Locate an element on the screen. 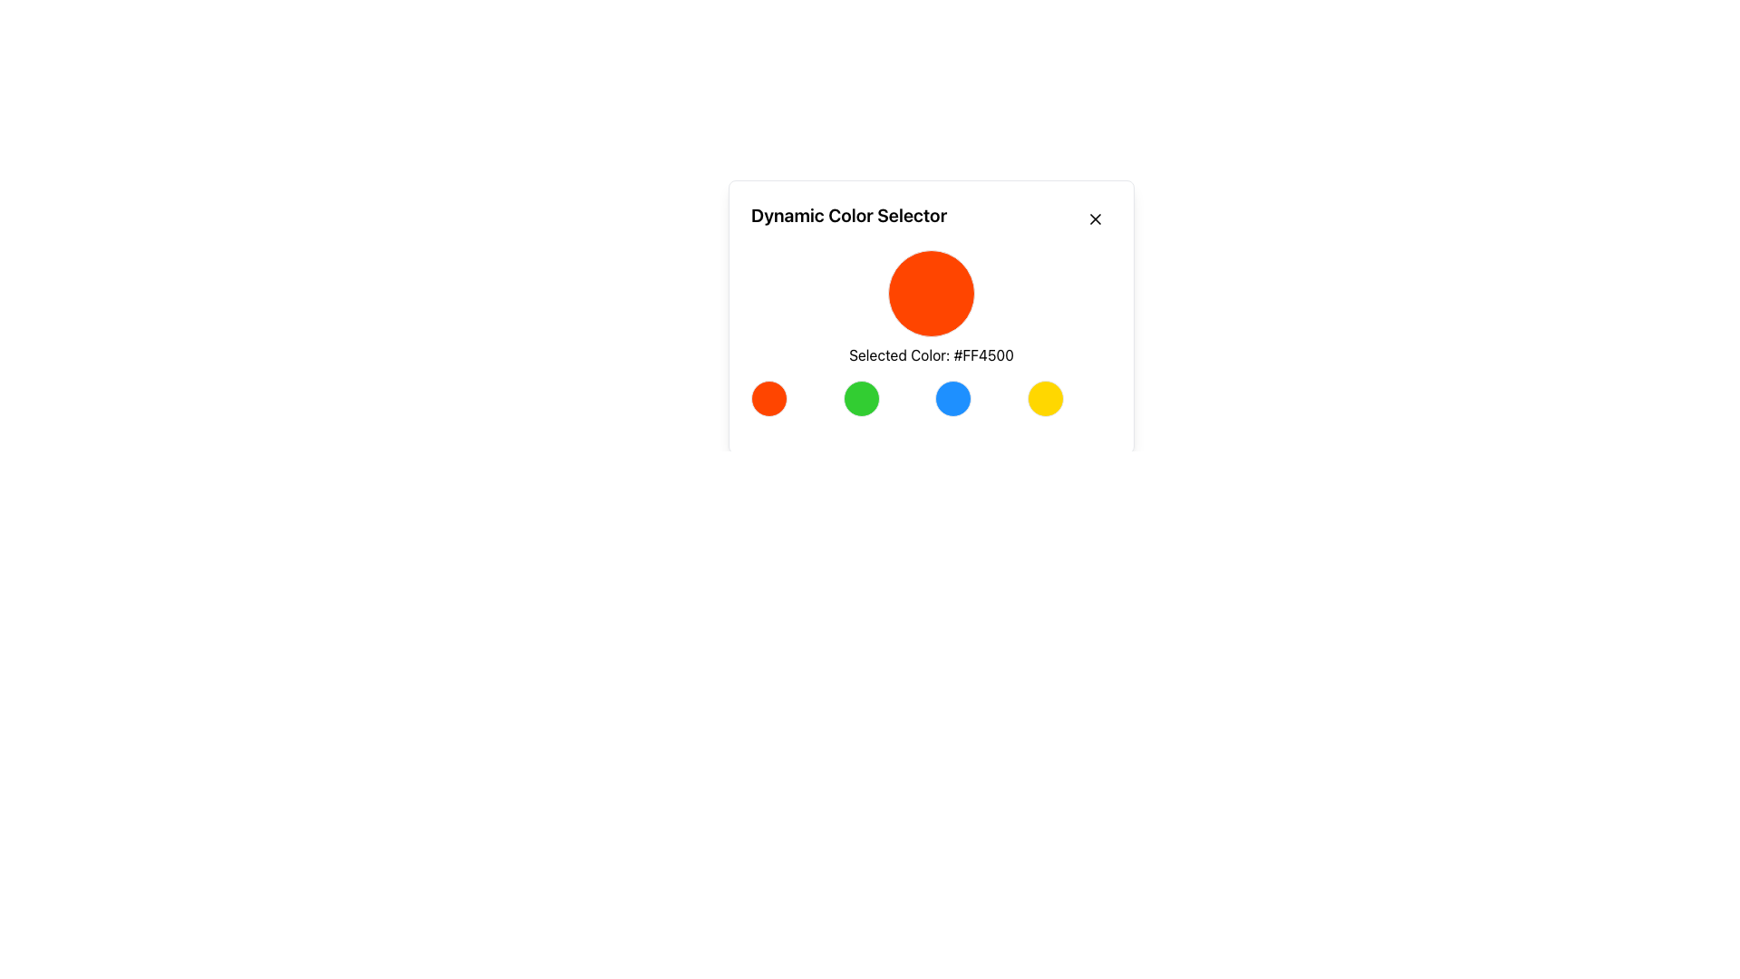  the close button located at the top-right corner of the 'Dynamic Color Selector' modal is located at coordinates (1095, 218).